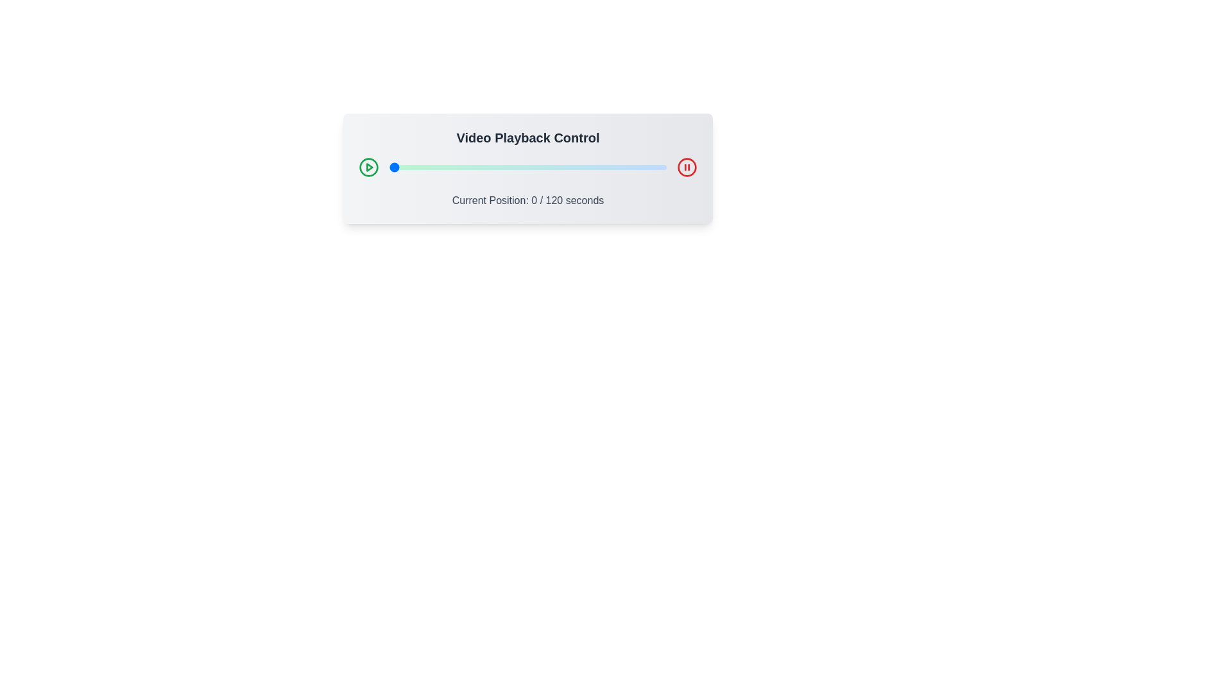 This screenshot has height=693, width=1232. I want to click on the video playback slider to 7 seconds, so click(405, 167).